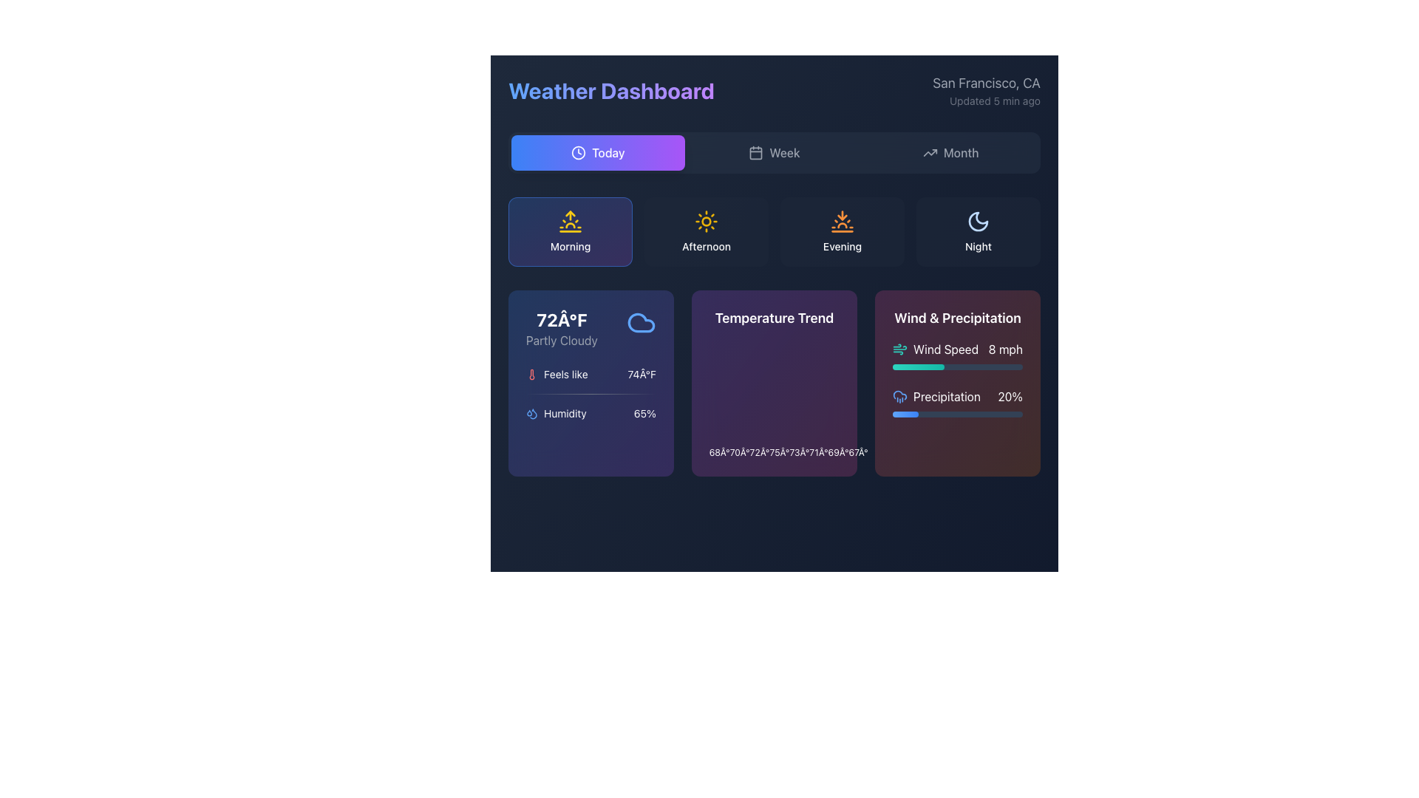  Describe the element at coordinates (705, 231) in the screenshot. I see `the 'Afternoon' time period button` at that location.